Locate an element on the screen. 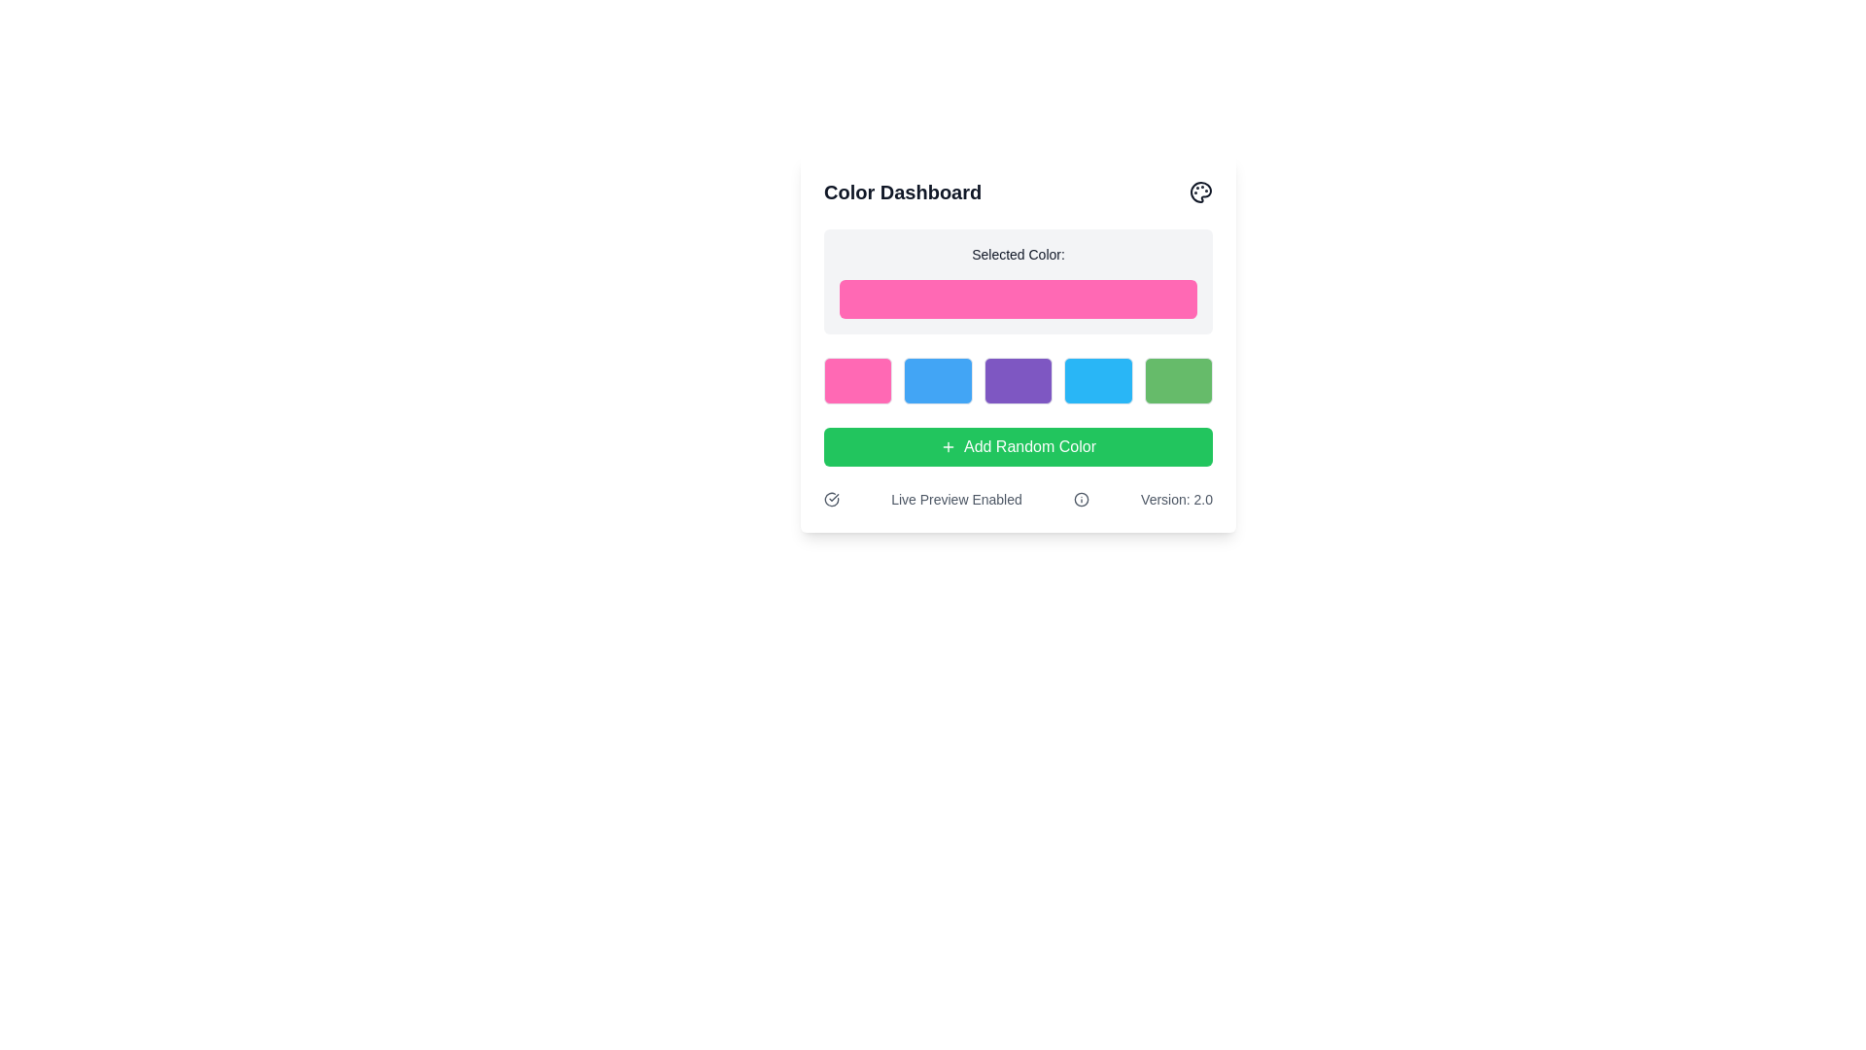 The height and width of the screenshot is (1050, 1866). the circular icon with a checkmark inside, which is styled with a thin black stroke and located to the left of the 'Add Random Color' button is located at coordinates (831, 498).